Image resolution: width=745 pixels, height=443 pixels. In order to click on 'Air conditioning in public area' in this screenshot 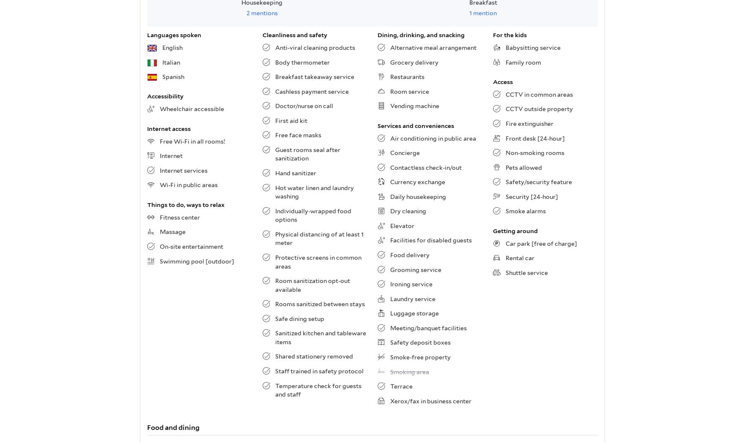, I will do `click(433, 137)`.